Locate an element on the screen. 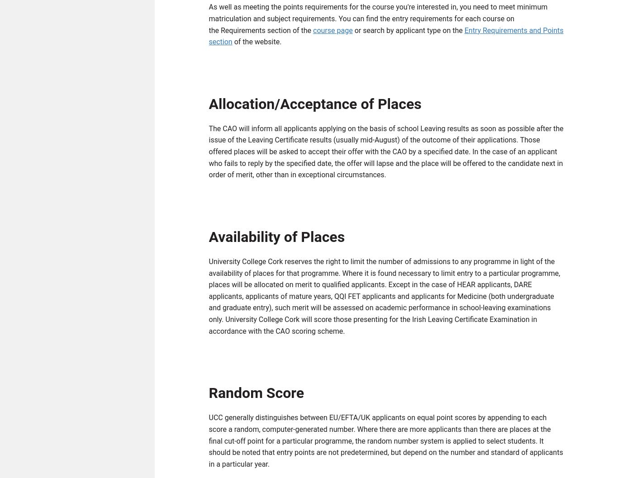  'or search by applicant type on the' is located at coordinates (408, 32).